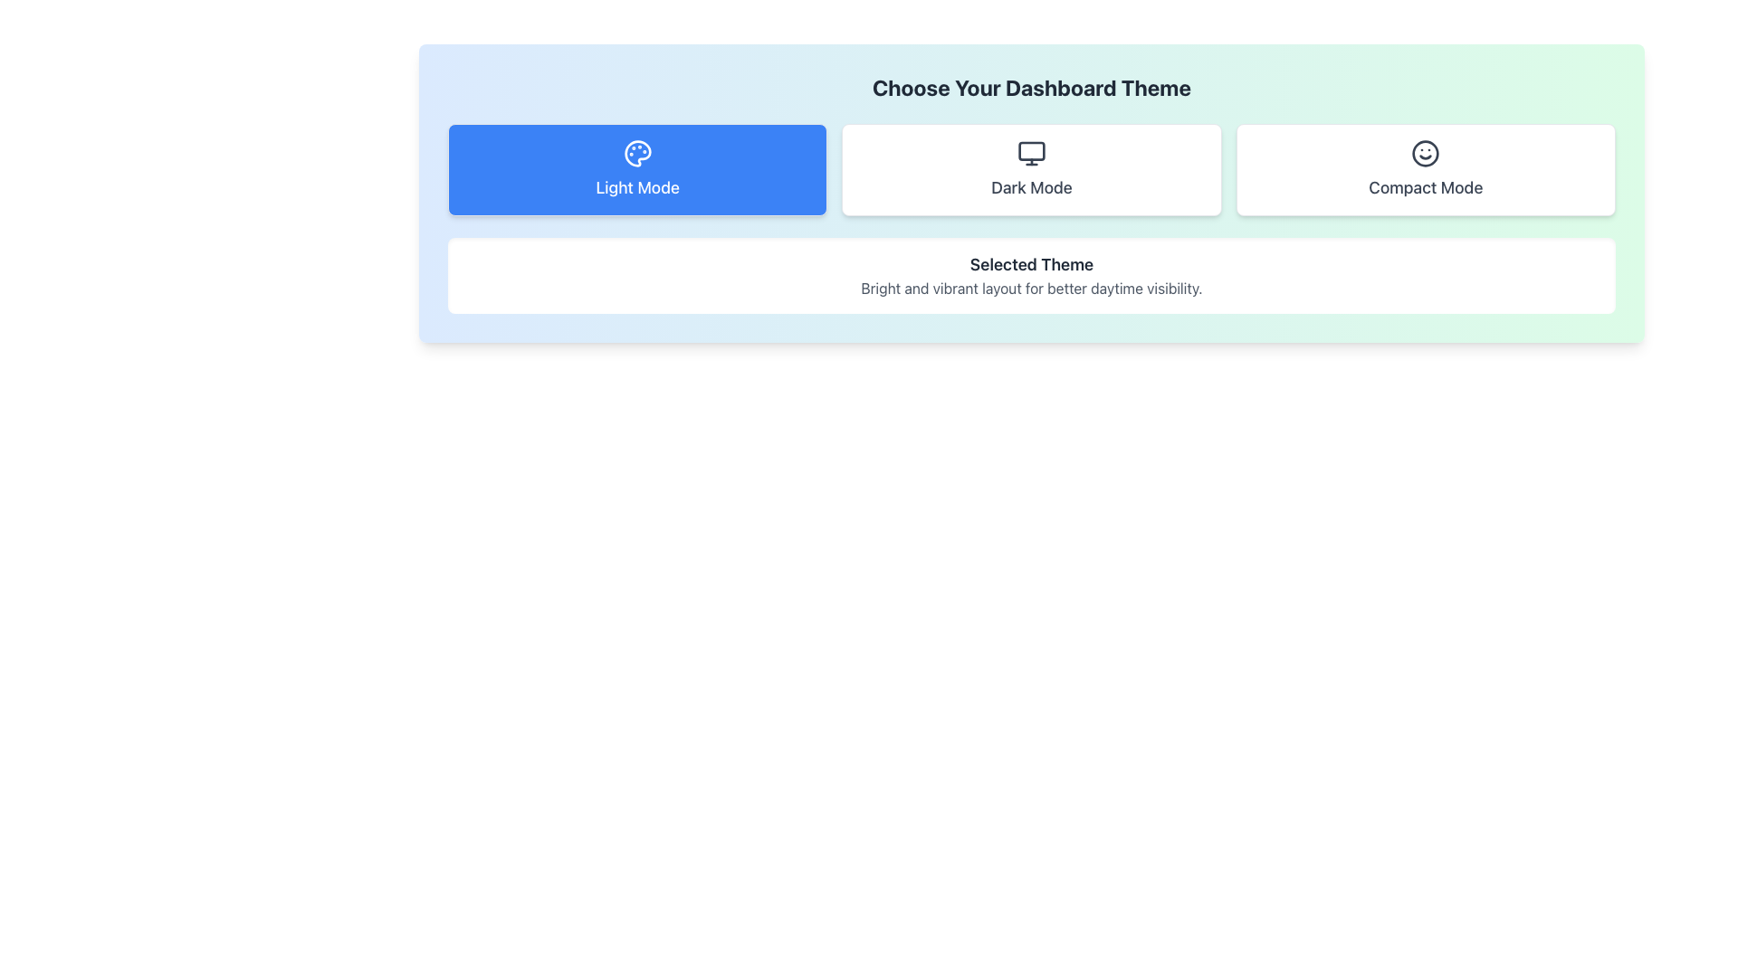  Describe the element at coordinates (637, 188) in the screenshot. I see `the 'Light Mode' text label, which indicates the purpose of the corresponding button in the theme options` at that location.